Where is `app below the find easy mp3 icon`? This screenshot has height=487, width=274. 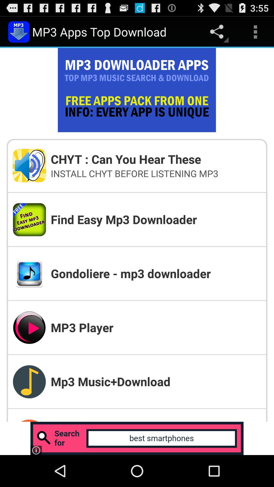
app below the find easy mp3 icon is located at coordinates (156, 273).